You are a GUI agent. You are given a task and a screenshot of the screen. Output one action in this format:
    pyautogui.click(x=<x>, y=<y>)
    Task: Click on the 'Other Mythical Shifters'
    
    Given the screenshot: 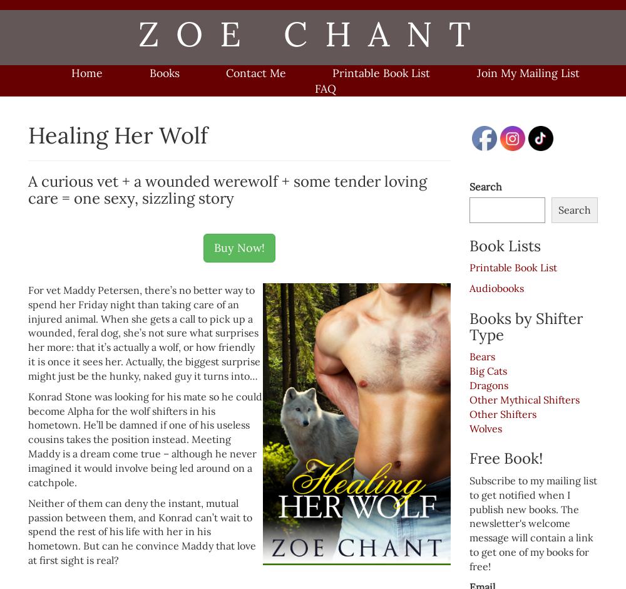 What is the action you would take?
    pyautogui.click(x=469, y=399)
    